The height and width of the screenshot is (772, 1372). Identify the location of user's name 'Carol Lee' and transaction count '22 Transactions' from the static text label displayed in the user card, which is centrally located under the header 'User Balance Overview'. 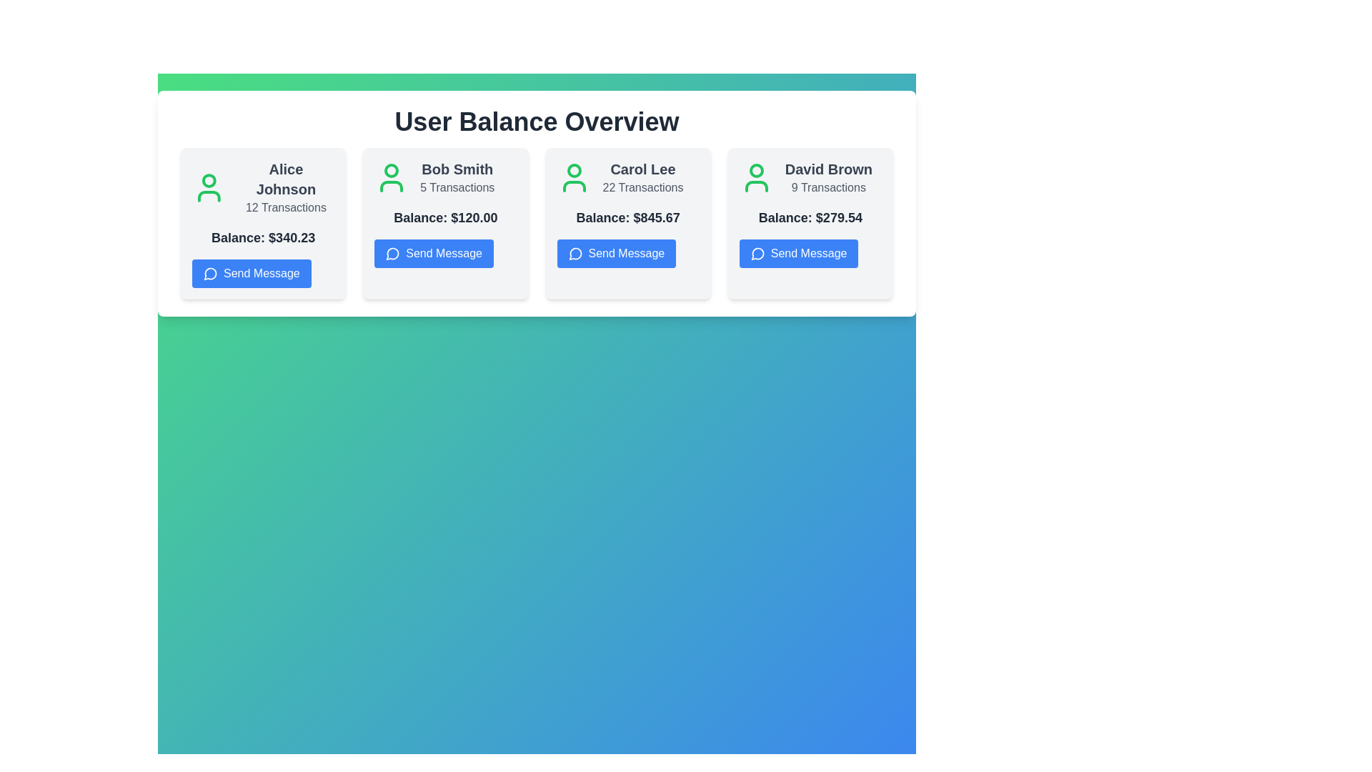
(642, 177).